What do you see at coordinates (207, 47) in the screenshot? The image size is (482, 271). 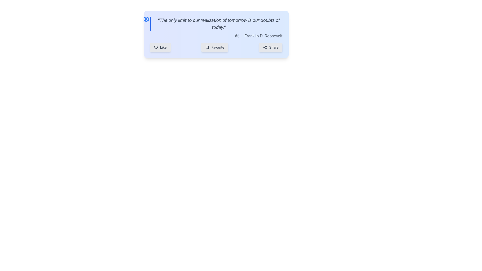 I see `the bookmark icon located to the left of the 'Favorite' label button` at bounding box center [207, 47].